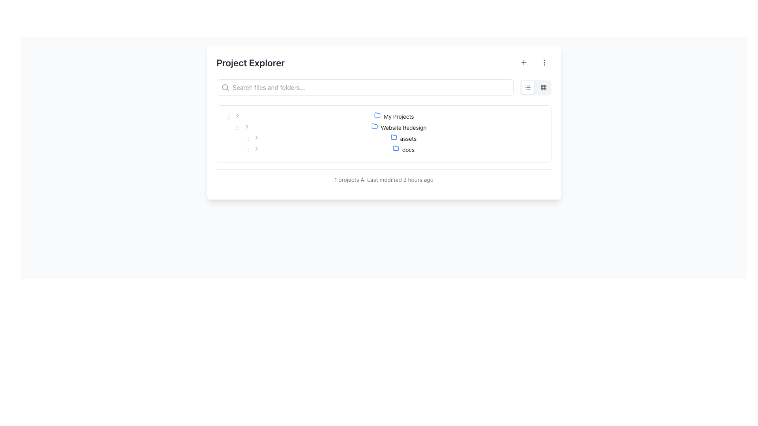  What do you see at coordinates (395, 138) in the screenshot?
I see `folder icon located in the 'assets' row of the file explorer UI, which has a blue outline and a rectangular shape` at bounding box center [395, 138].